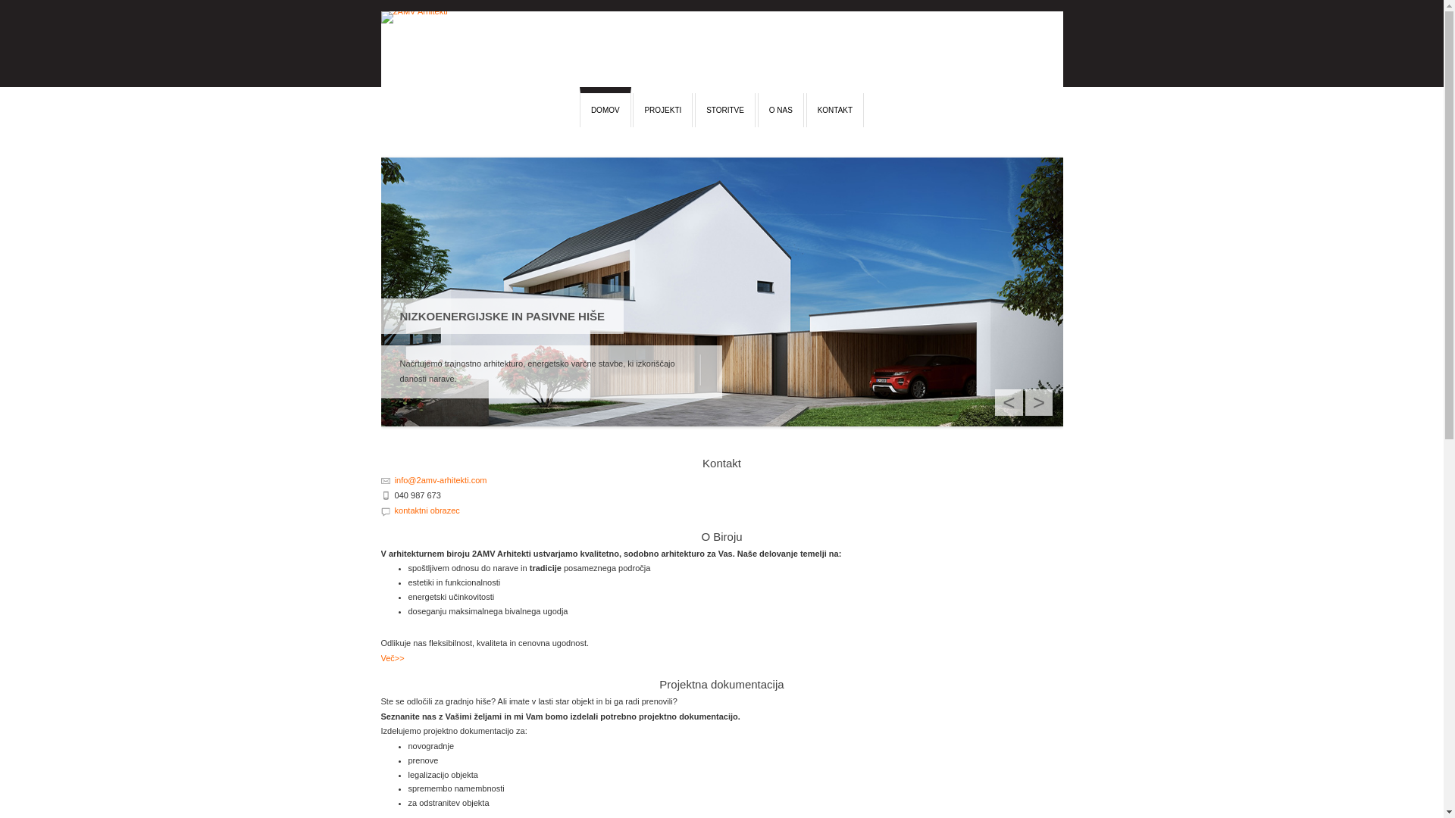 The image size is (1455, 818). What do you see at coordinates (380, 479) in the screenshot?
I see `'2AMV mail'` at bounding box center [380, 479].